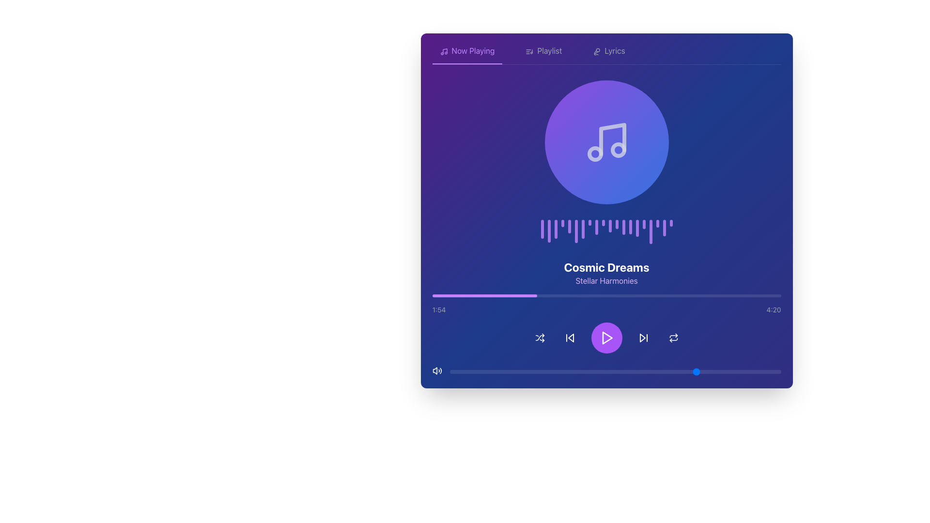 The height and width of the screenshot is (523, 930). Describe the element at coordinates (609, 226) in the screenshot. I see `the 11th vertical Visualization bar in the music player interface, which indicates a specific value or activity associated with the music being played` at that location.